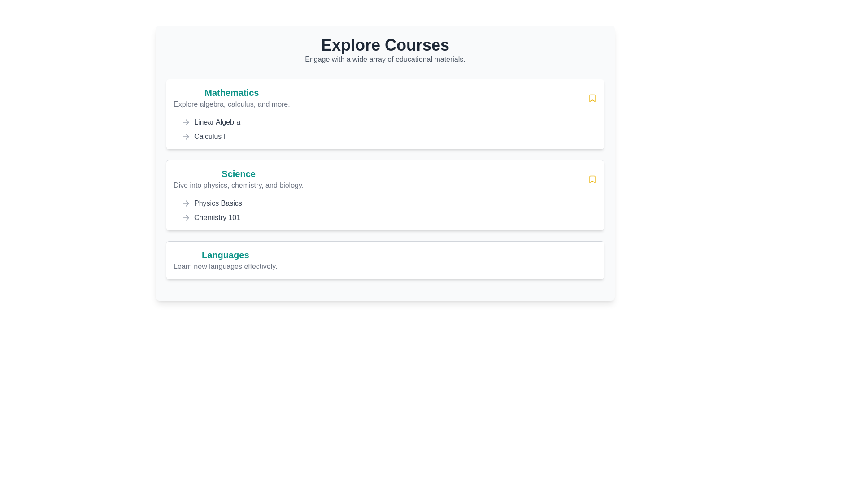 This screenshot has height=484, width=861. I want to click on the header of the 'Science' course category text block, so click(239, 179).